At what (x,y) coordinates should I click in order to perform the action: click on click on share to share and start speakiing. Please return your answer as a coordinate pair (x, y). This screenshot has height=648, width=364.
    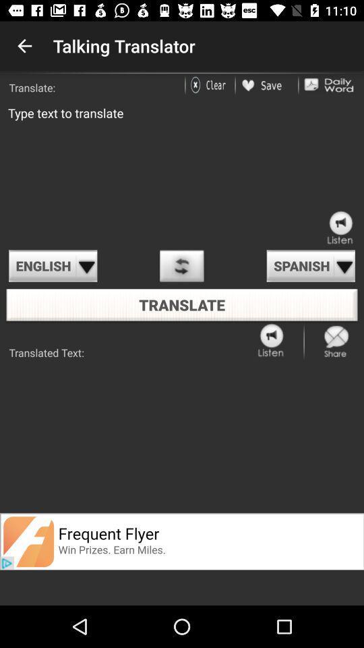
    Looking at the image, I should click on (336, 340).